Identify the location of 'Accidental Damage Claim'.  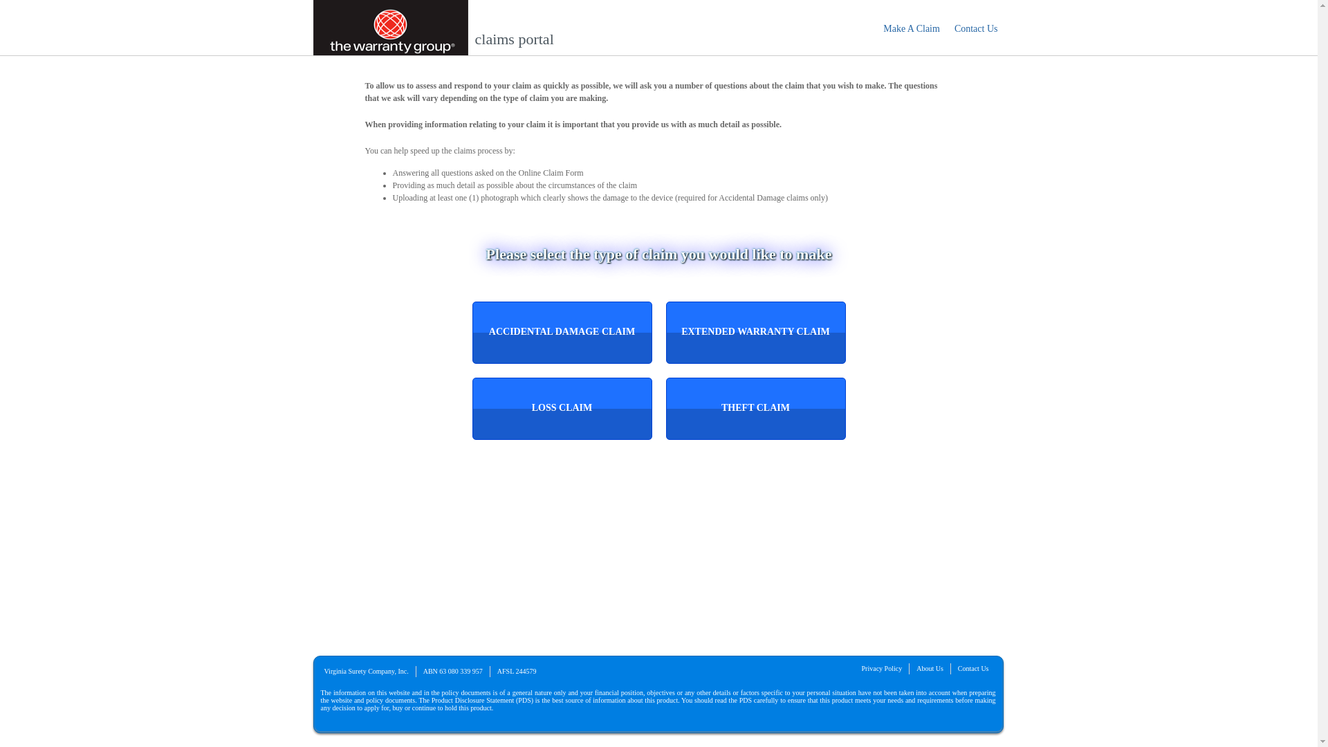
(561, 333).